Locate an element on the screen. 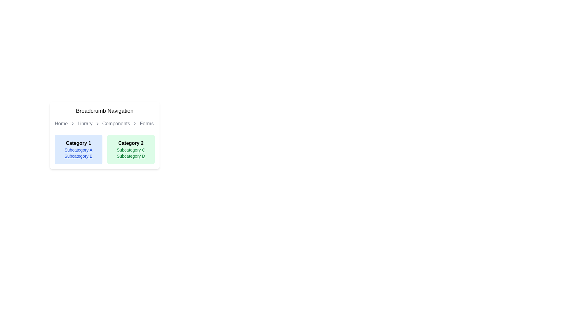 The height and width of the screenshot is (330, 587). the 'Library' text link in the breadcrumb navigation is located at coordinates (85, 124).